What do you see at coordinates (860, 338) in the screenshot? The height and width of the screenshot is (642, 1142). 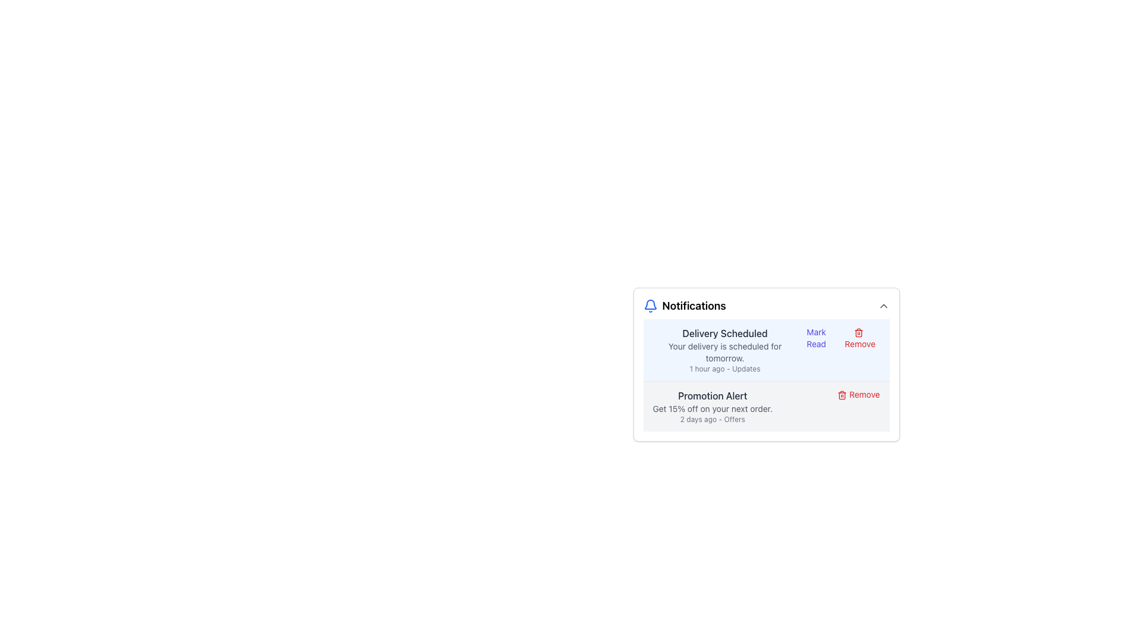 I see `the delete button located in the bottom-right corner of the notification message card` at bounding box center [860, 338].